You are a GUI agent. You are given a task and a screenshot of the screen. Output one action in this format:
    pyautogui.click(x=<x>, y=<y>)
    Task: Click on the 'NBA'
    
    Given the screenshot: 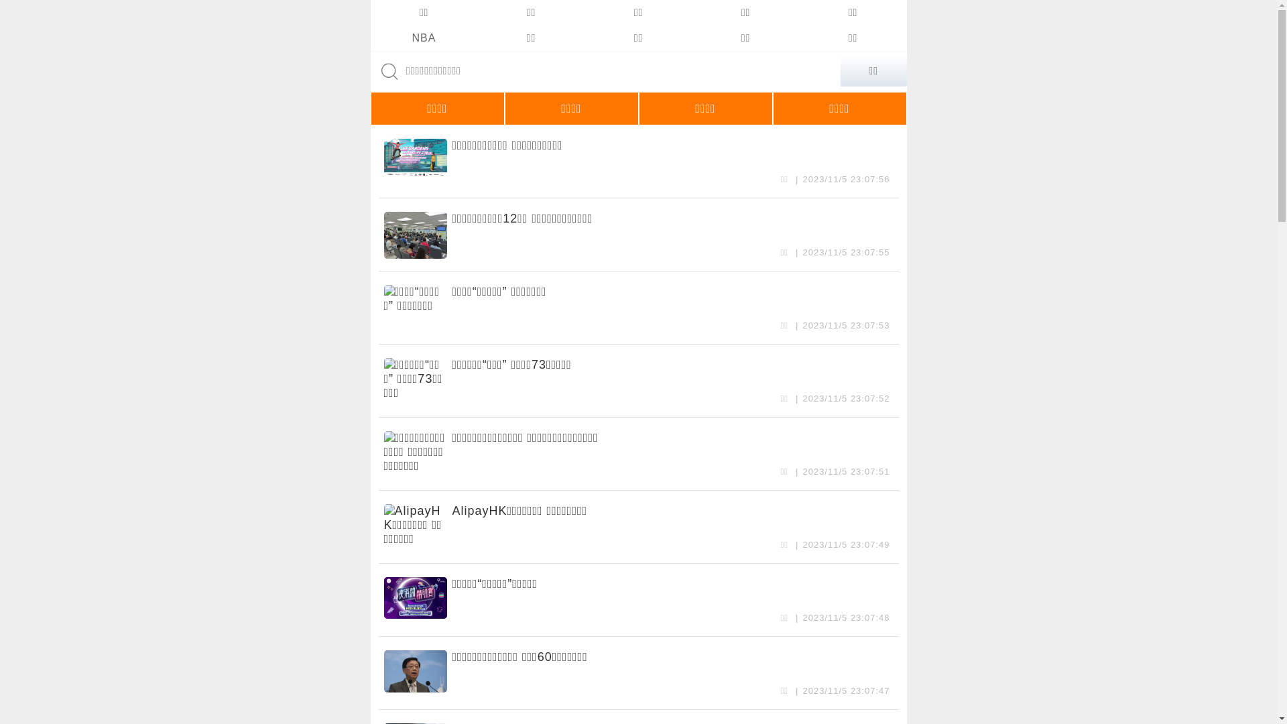 What is the action you would take?
    pyautogui.click(x=423, y=38)
    